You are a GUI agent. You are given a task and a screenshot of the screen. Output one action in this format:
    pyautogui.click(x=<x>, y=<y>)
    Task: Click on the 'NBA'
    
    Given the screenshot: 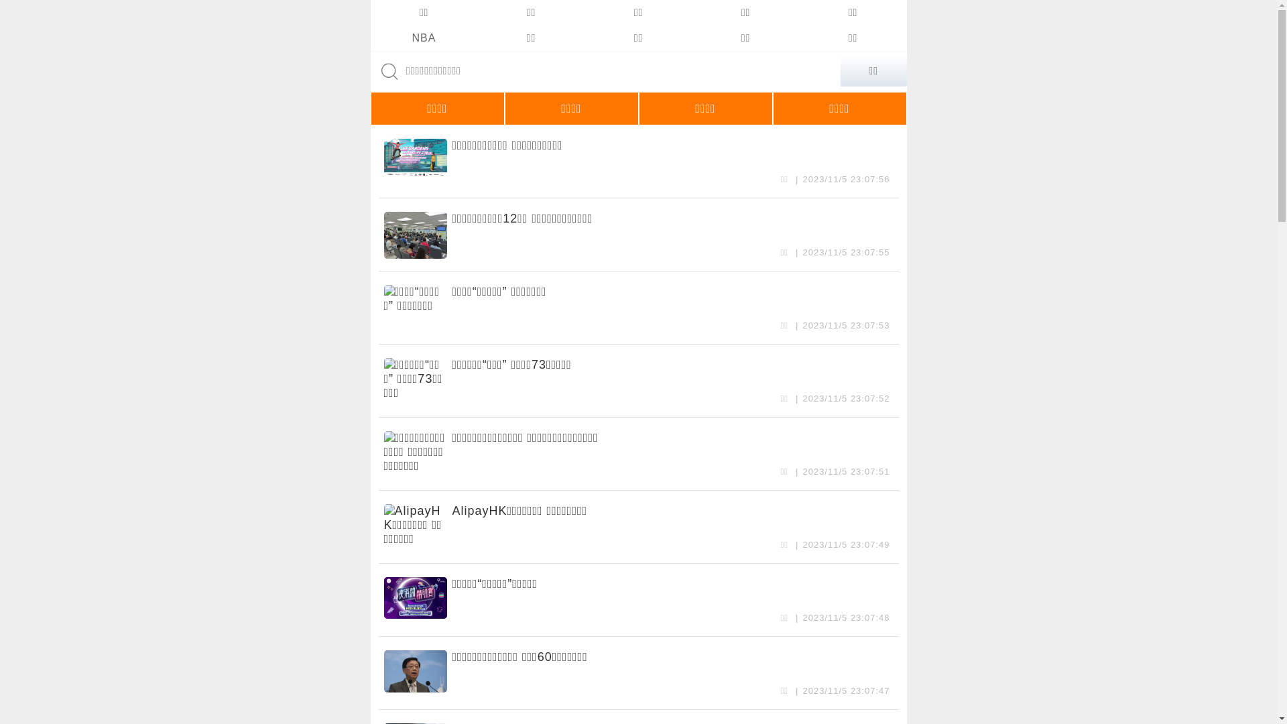 What is the action you would take?
    pyautogui.click(x=423, y=38)
    